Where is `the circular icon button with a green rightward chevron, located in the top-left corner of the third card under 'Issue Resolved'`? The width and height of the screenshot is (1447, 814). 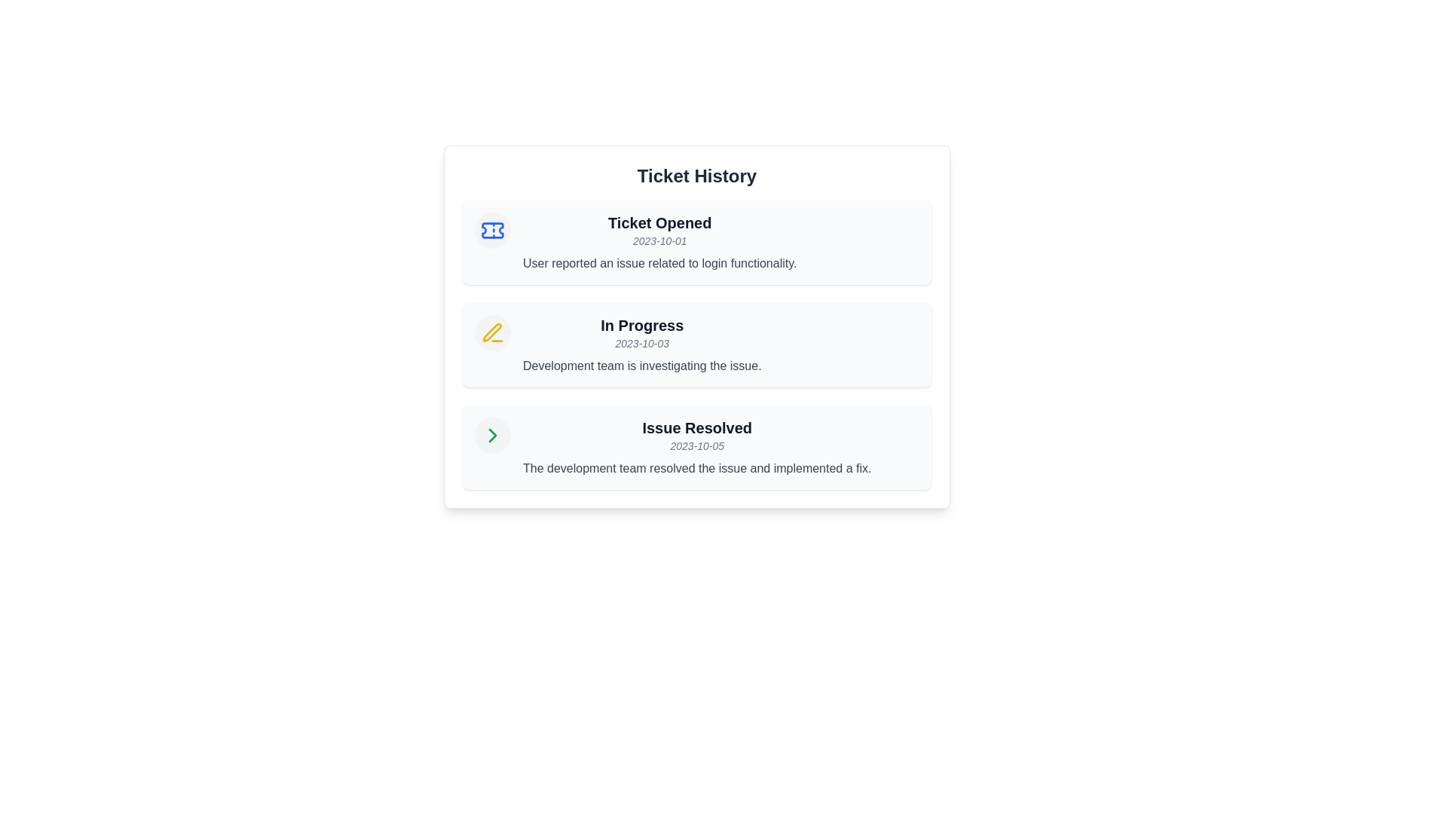 the circular icon button with a green rightward chevron, located in the top-left corner of the third card under 'Issue Resolved' is located at coordinates (492, 436).